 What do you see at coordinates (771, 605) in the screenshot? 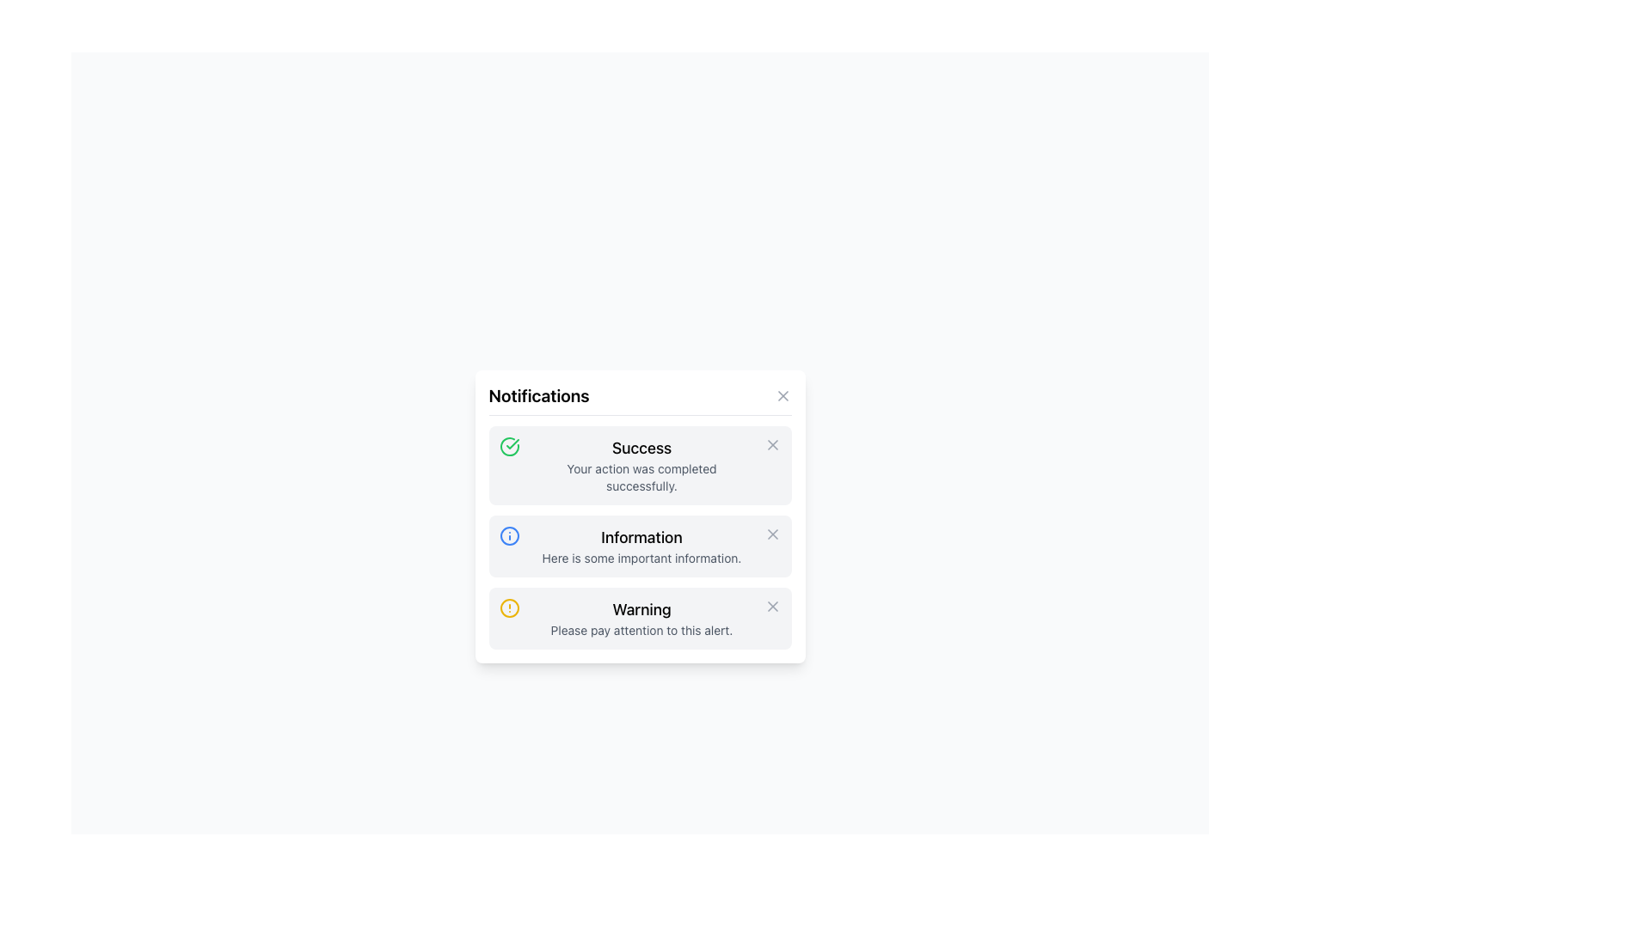
I see `the Close icon button located in the top-right corner of the 'Warning' notification box` at bounding box center [771, 605].